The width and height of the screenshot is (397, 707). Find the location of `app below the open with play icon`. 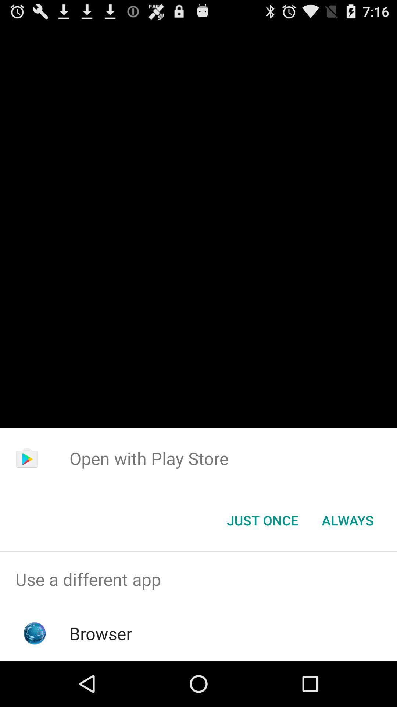

app below the open with play icon is located at coordinates (262, 520).